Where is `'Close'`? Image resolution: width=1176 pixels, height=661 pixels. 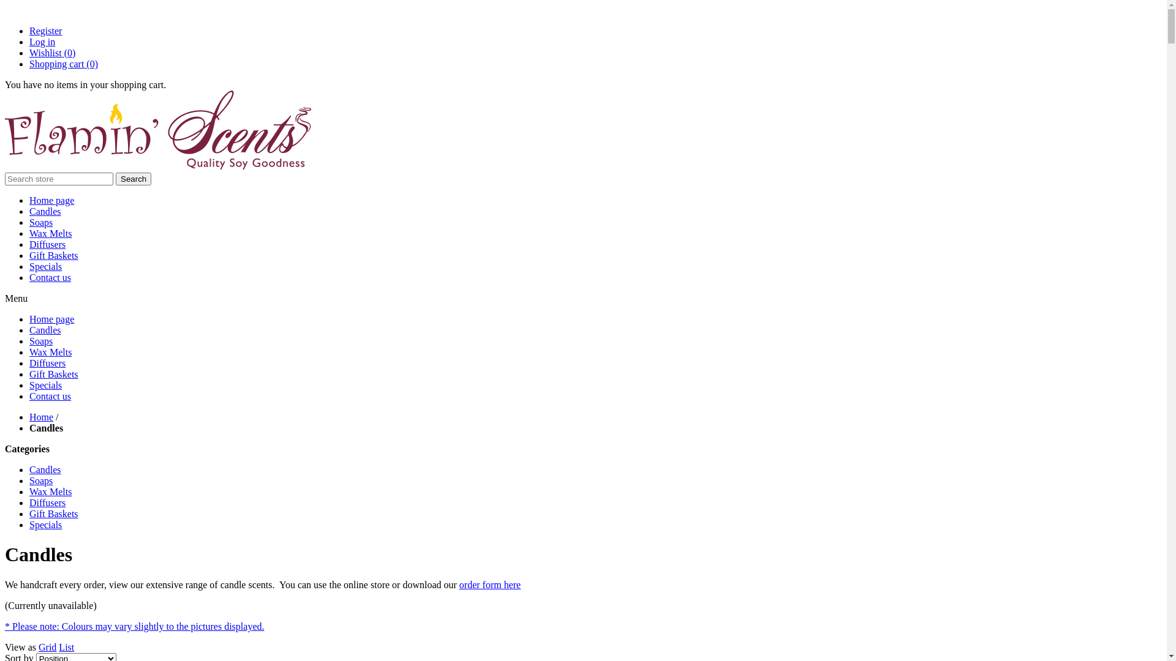 'Close' is located at coordinates (6, 10).